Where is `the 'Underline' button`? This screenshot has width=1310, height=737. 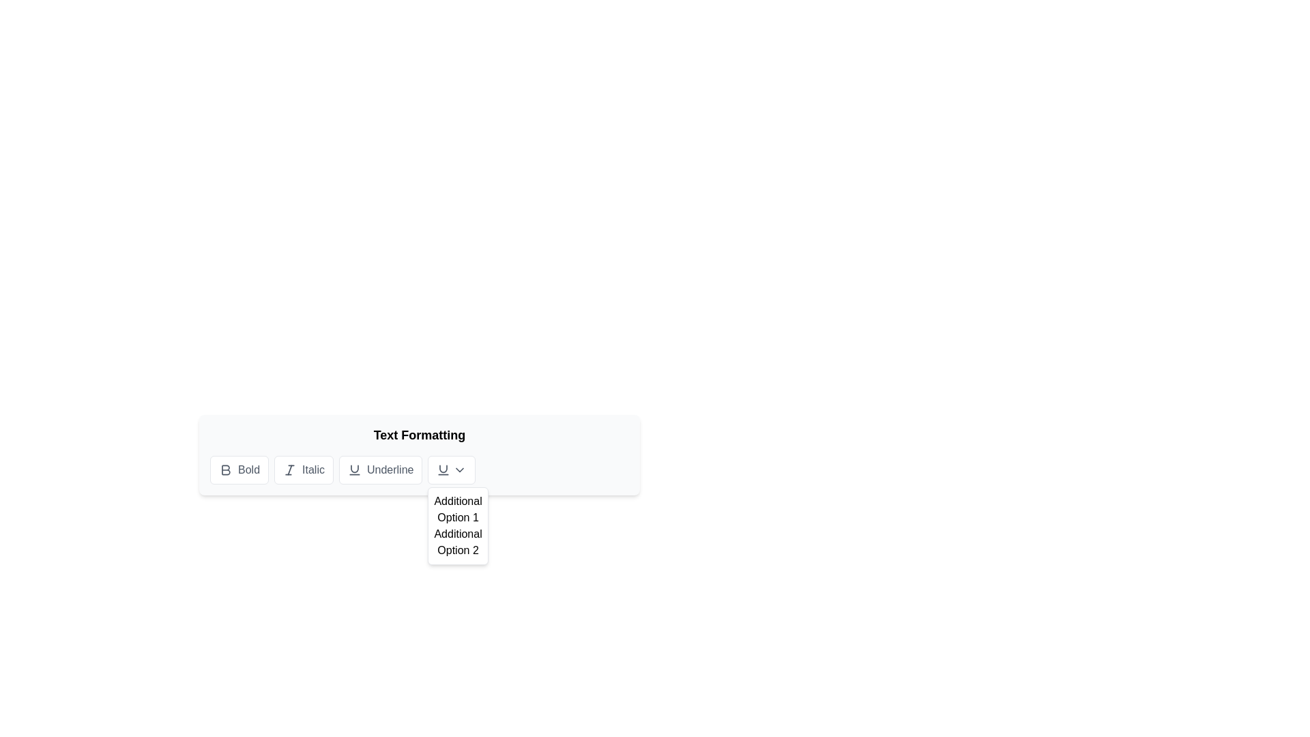
the 'Underline' button is located at coordinates (381, 469).